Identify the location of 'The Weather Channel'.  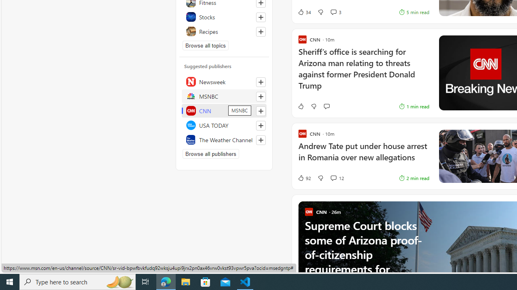
(224, 139).